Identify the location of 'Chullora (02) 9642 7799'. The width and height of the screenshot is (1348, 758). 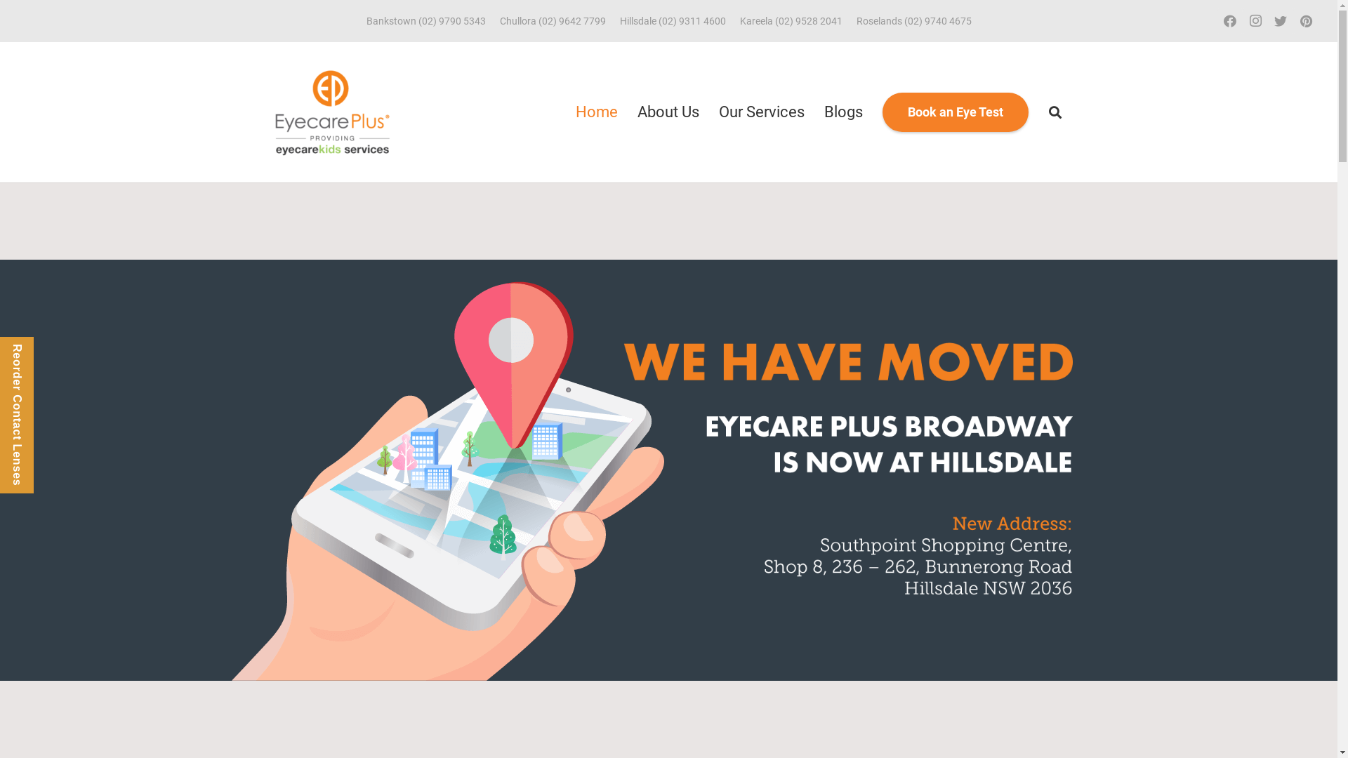
(552, 21).